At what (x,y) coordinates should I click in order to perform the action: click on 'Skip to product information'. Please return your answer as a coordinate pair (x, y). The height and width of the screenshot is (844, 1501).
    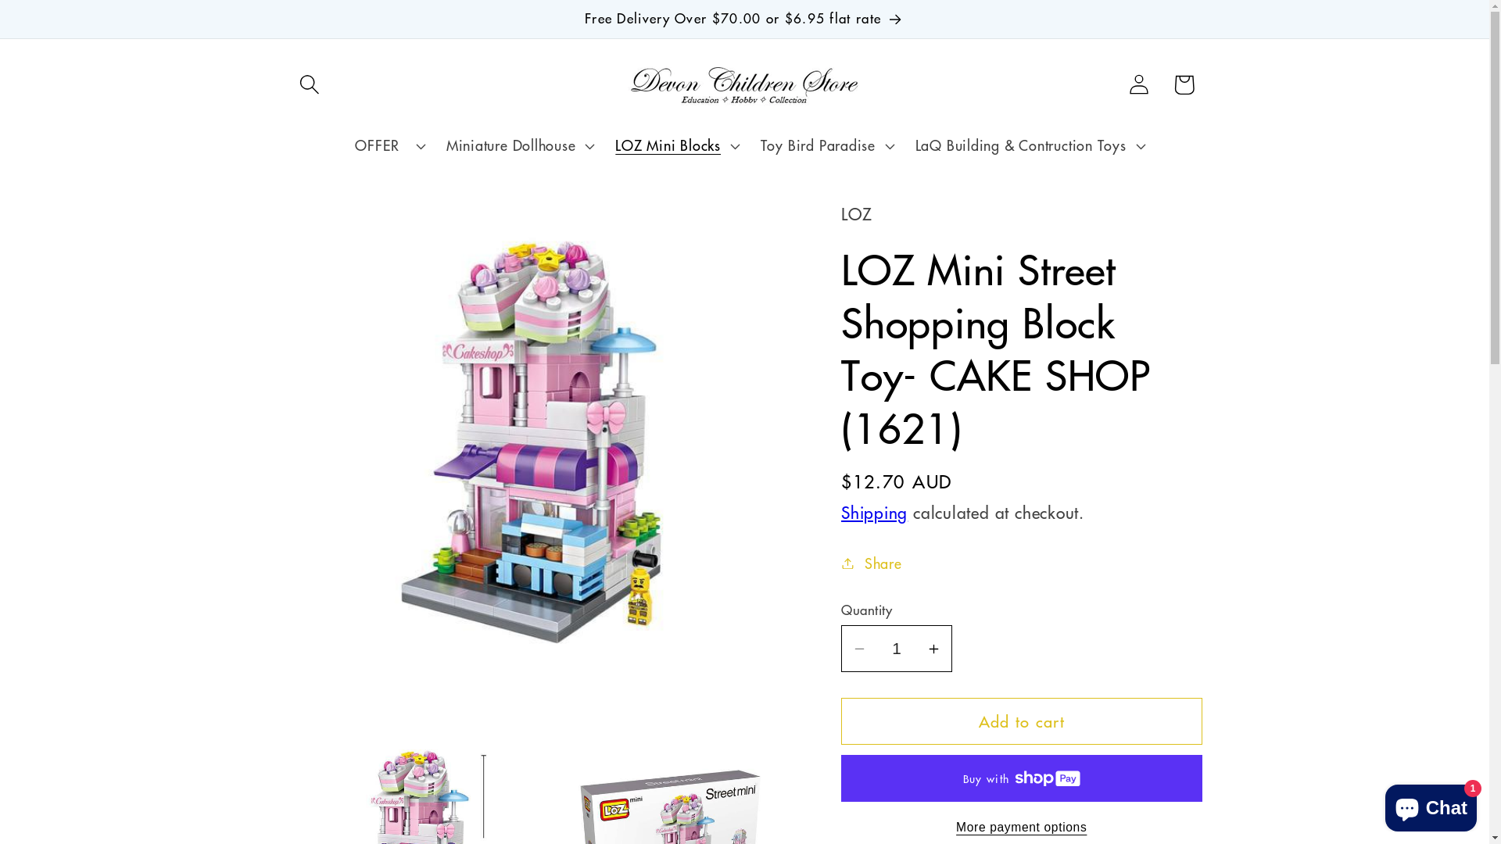
    Looking at the image, I should click on (347, 224).